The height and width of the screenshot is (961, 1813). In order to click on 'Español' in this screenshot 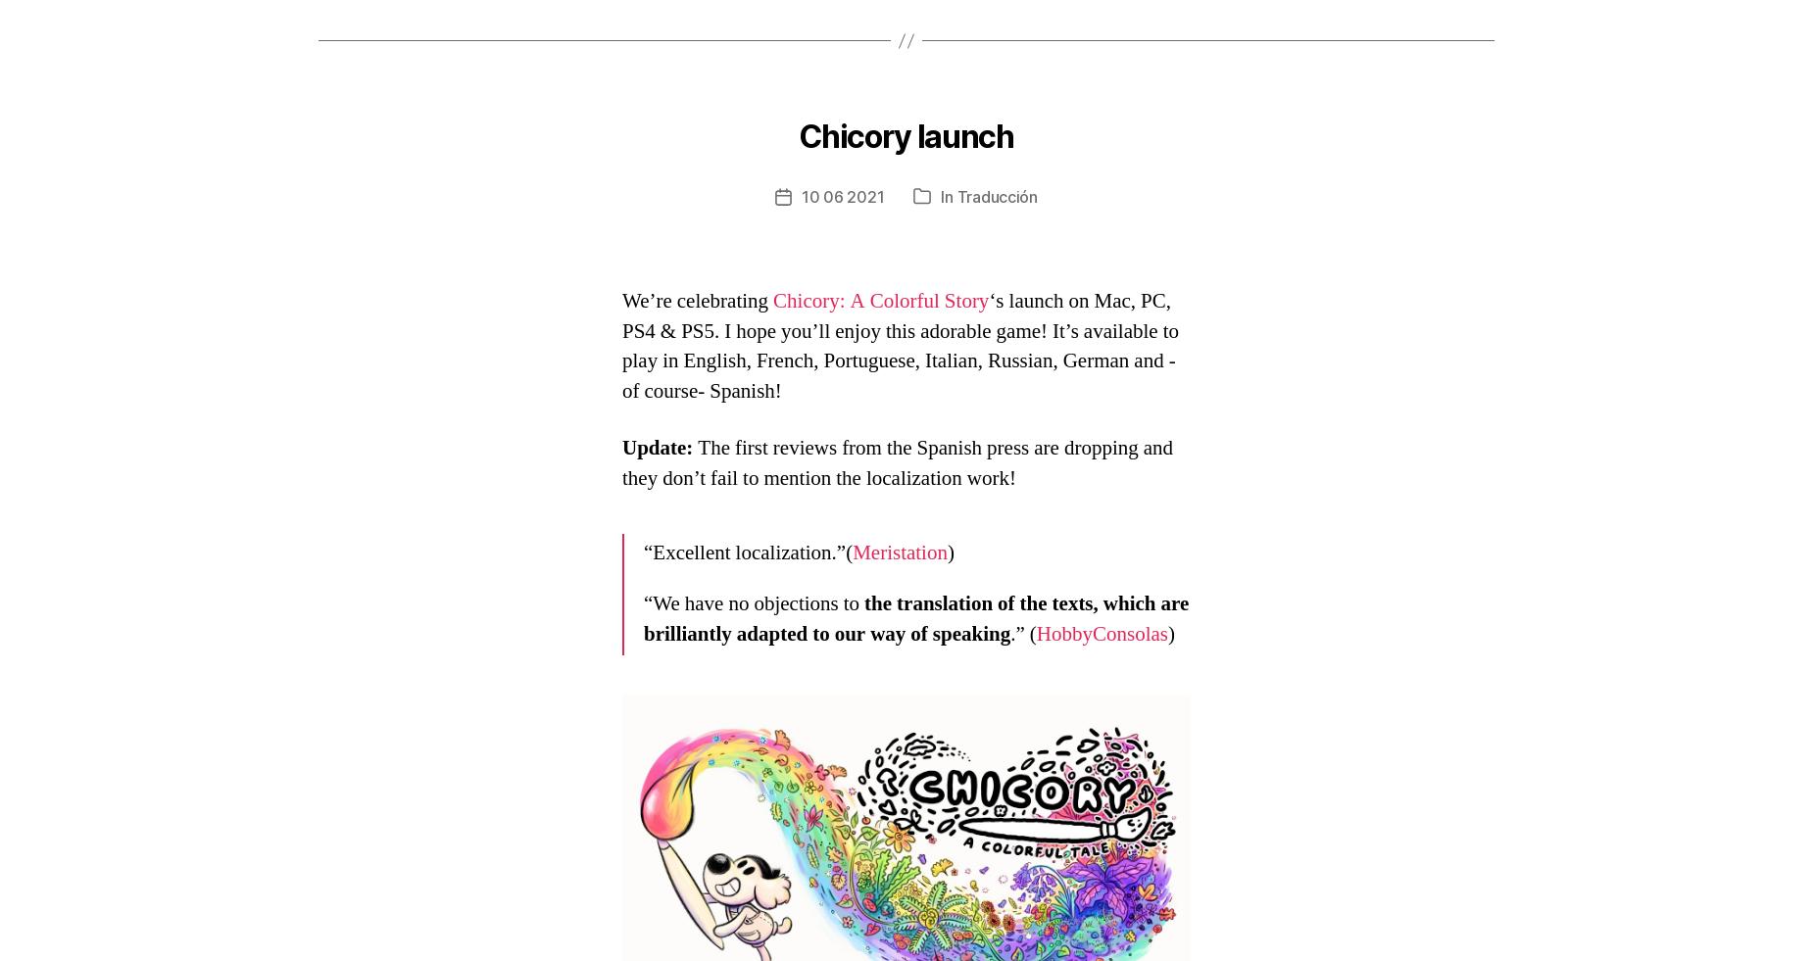, I will do `click(337, 380)`.